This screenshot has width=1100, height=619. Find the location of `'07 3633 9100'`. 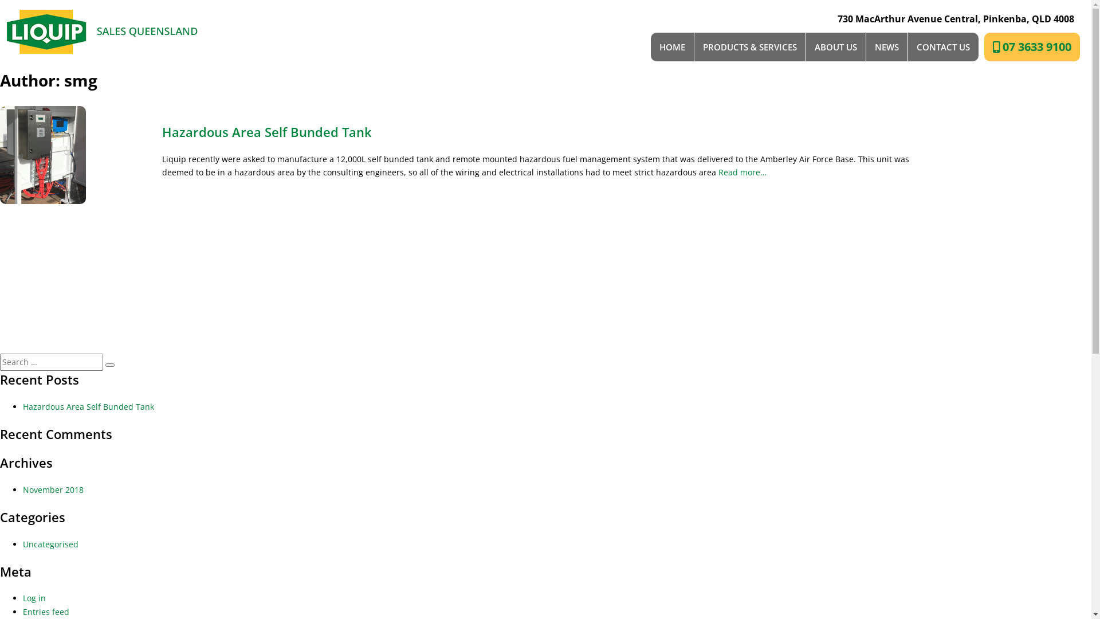

'07 3633 9100' is located at coordinates (1032, 46).